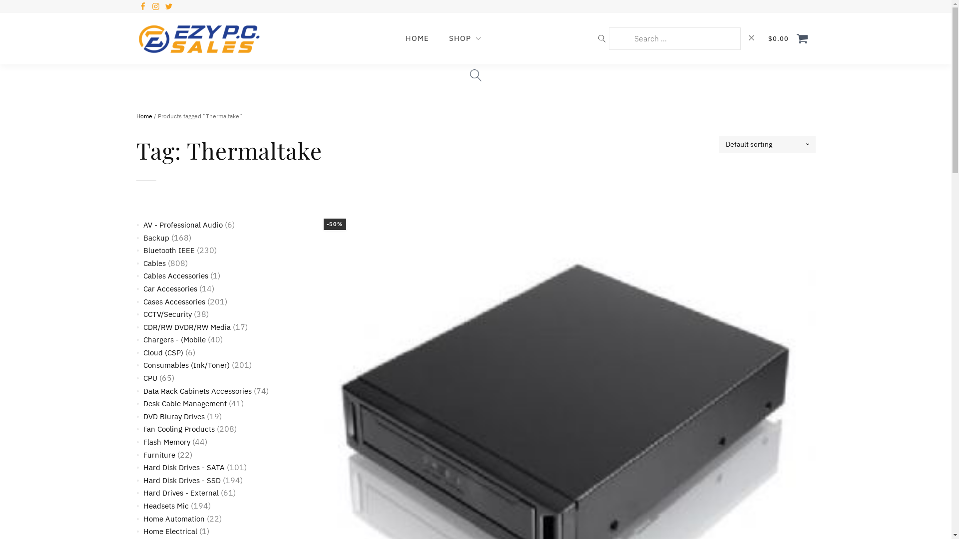 This screenshot has height=539, width=959. What do you see at coordinates (149, 378) in the screenshot?
I see `'CPU'` at bounding box center [149, 378].